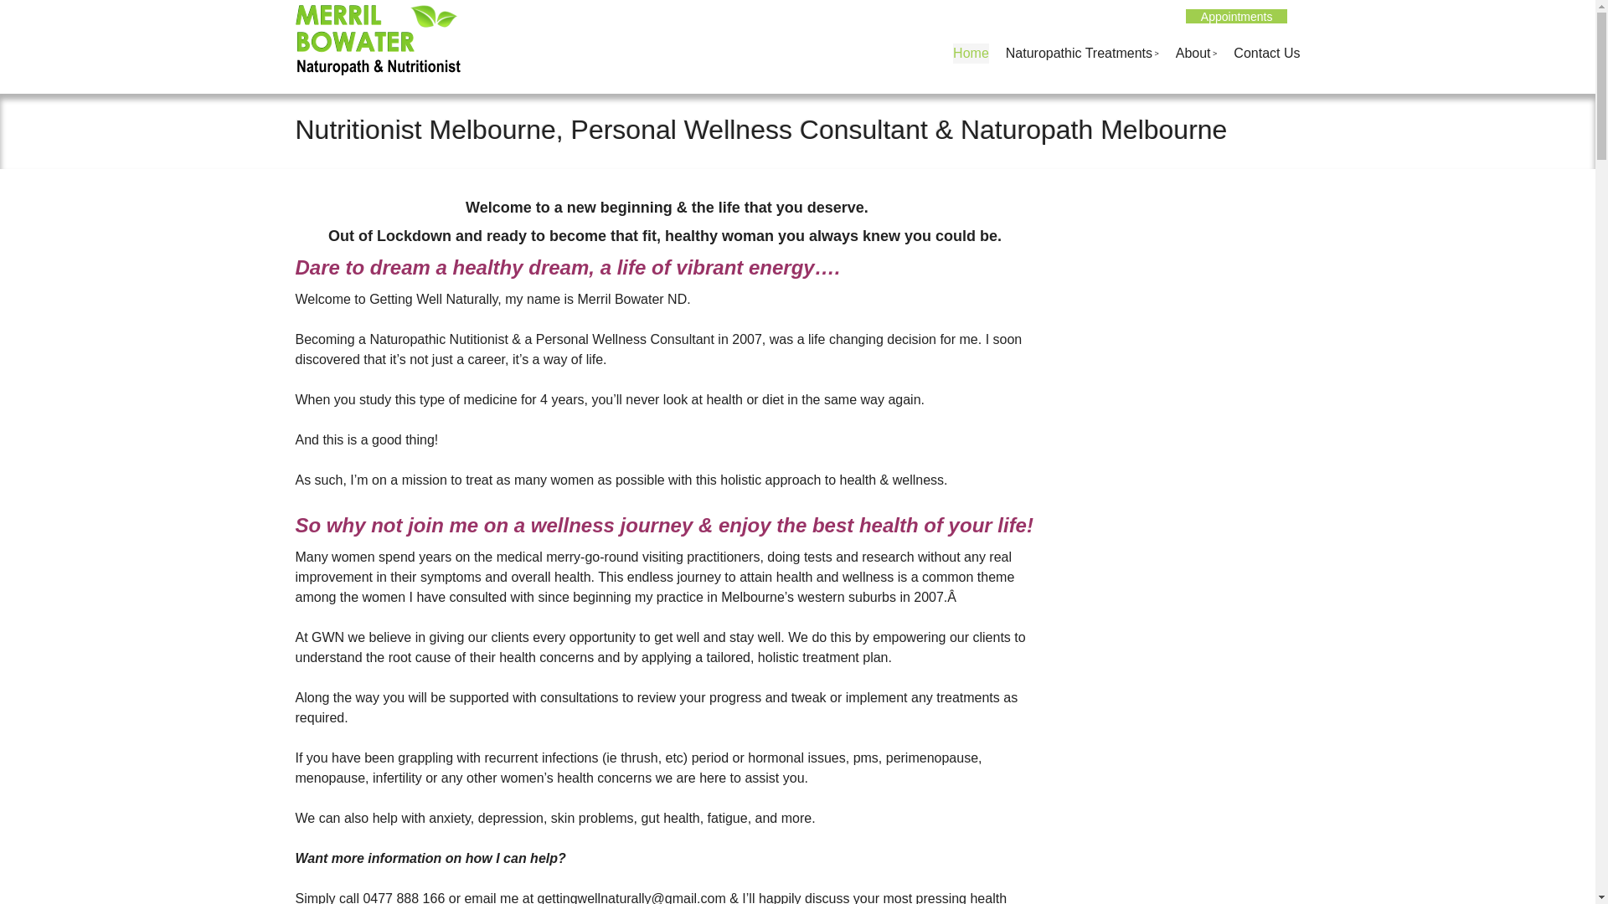 This screenshot has height=904, width=1608. Describe the element at coordinates (1196, 53) in the screenshot. I see `'About'` at that location.